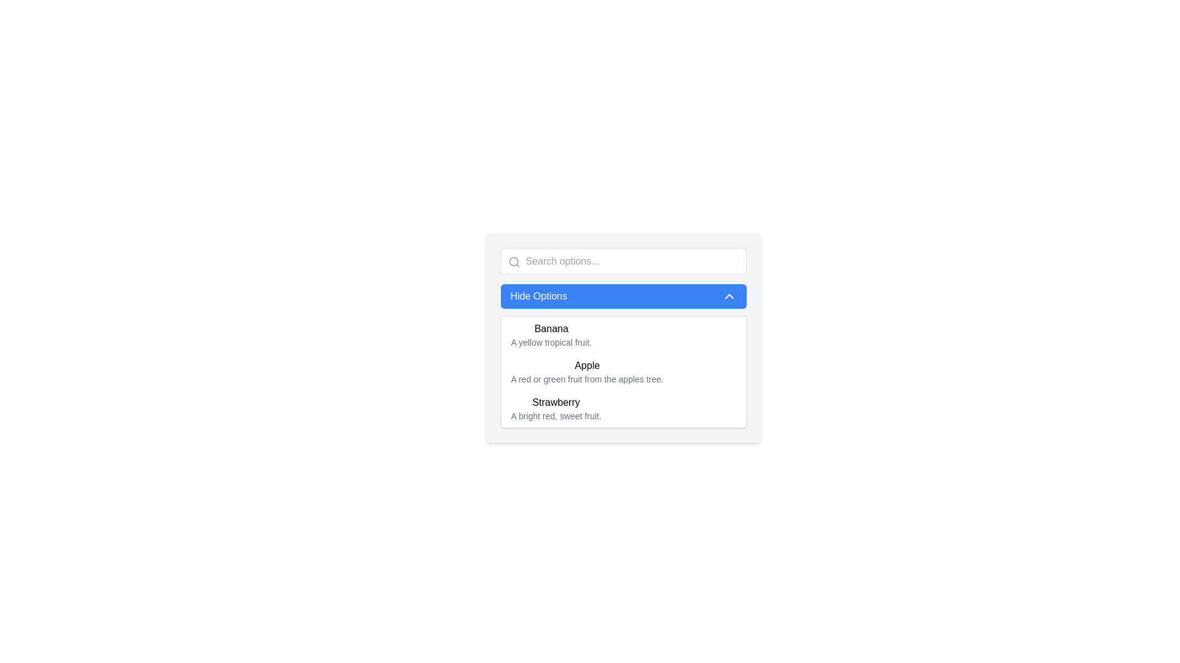 The width and height of the screenshot is (1180, 663). Describe the element at coordinates (623, 409) in the screenshot. I see `to select the third option in the dropdown menu, which is a selectable option for fruits, located below 'Apple'` at that location.